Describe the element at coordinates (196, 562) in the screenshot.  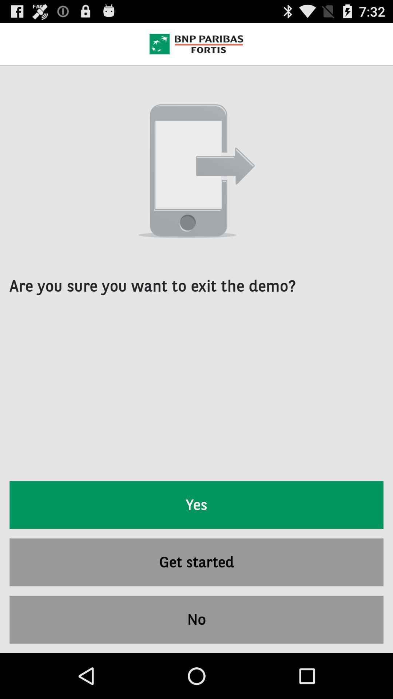
I see `get started` at that location.